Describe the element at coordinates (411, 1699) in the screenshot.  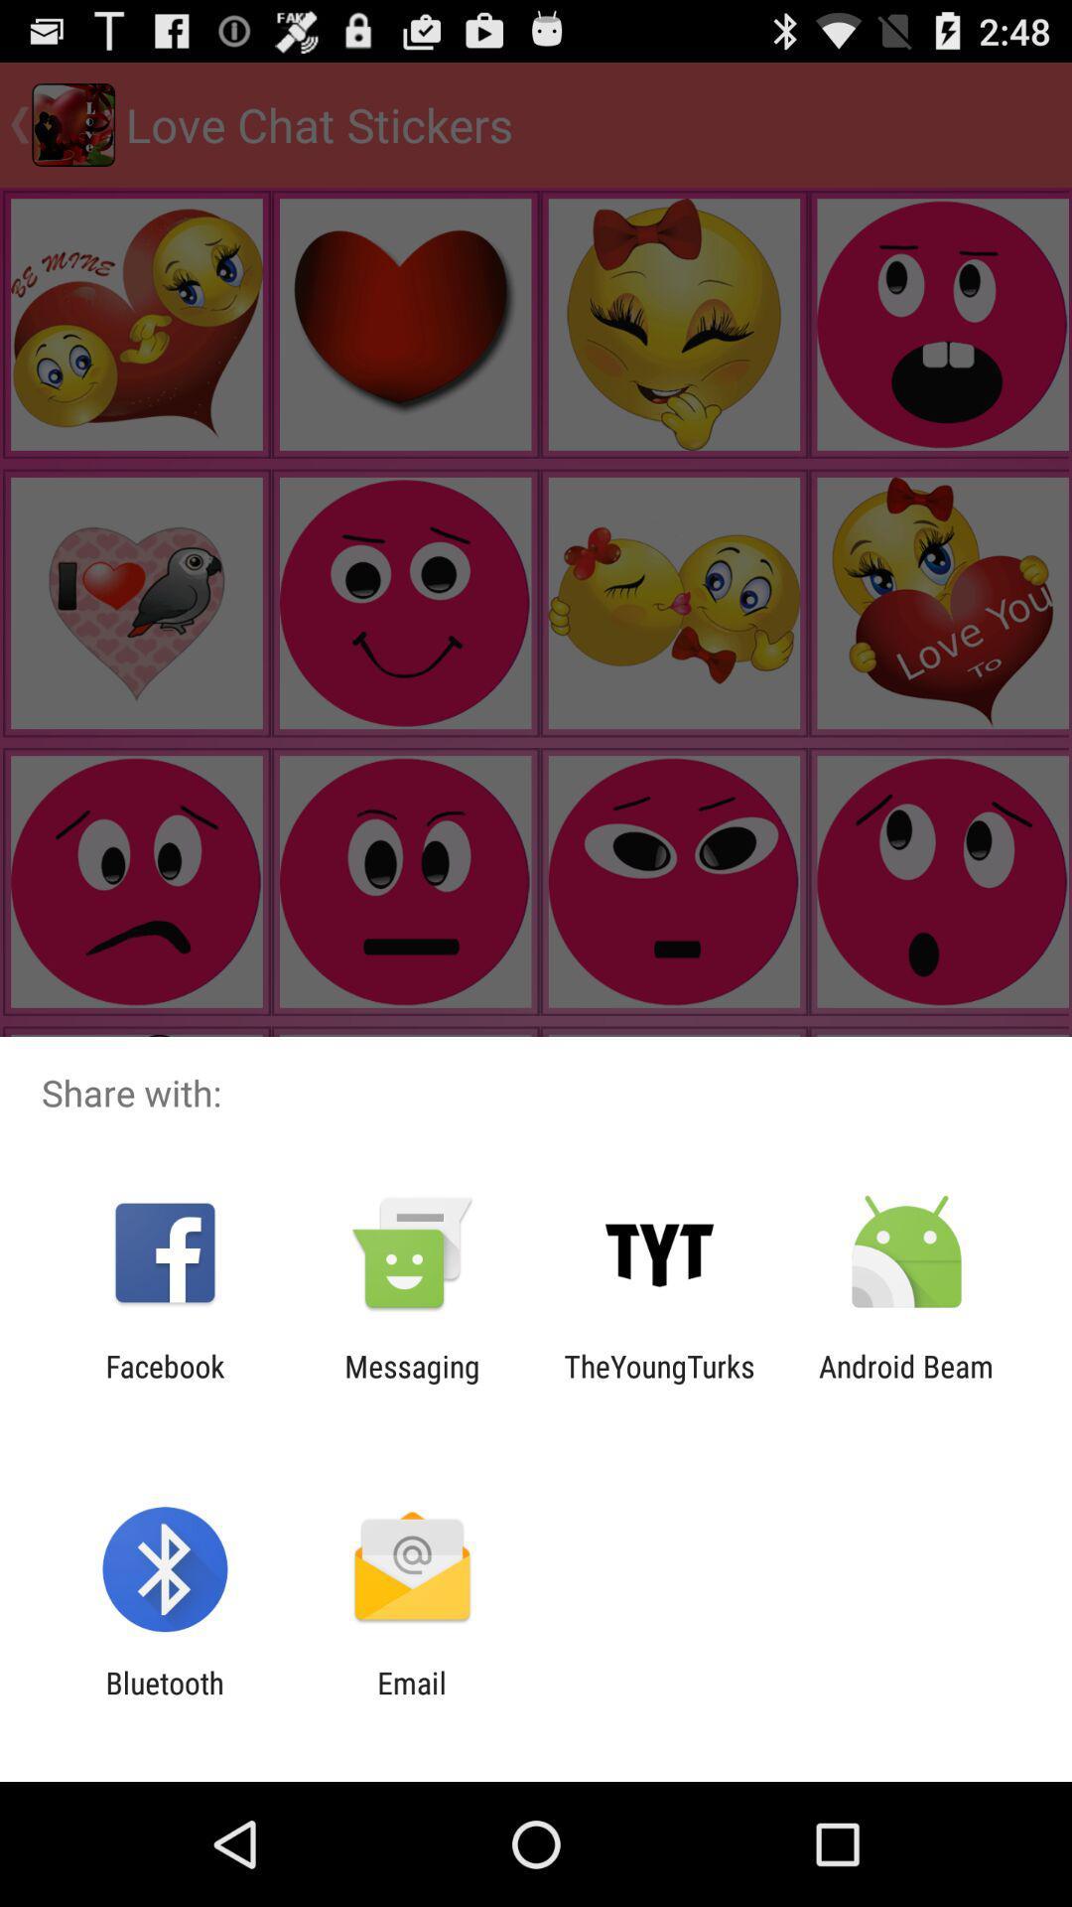
I see `email icon` at that location.